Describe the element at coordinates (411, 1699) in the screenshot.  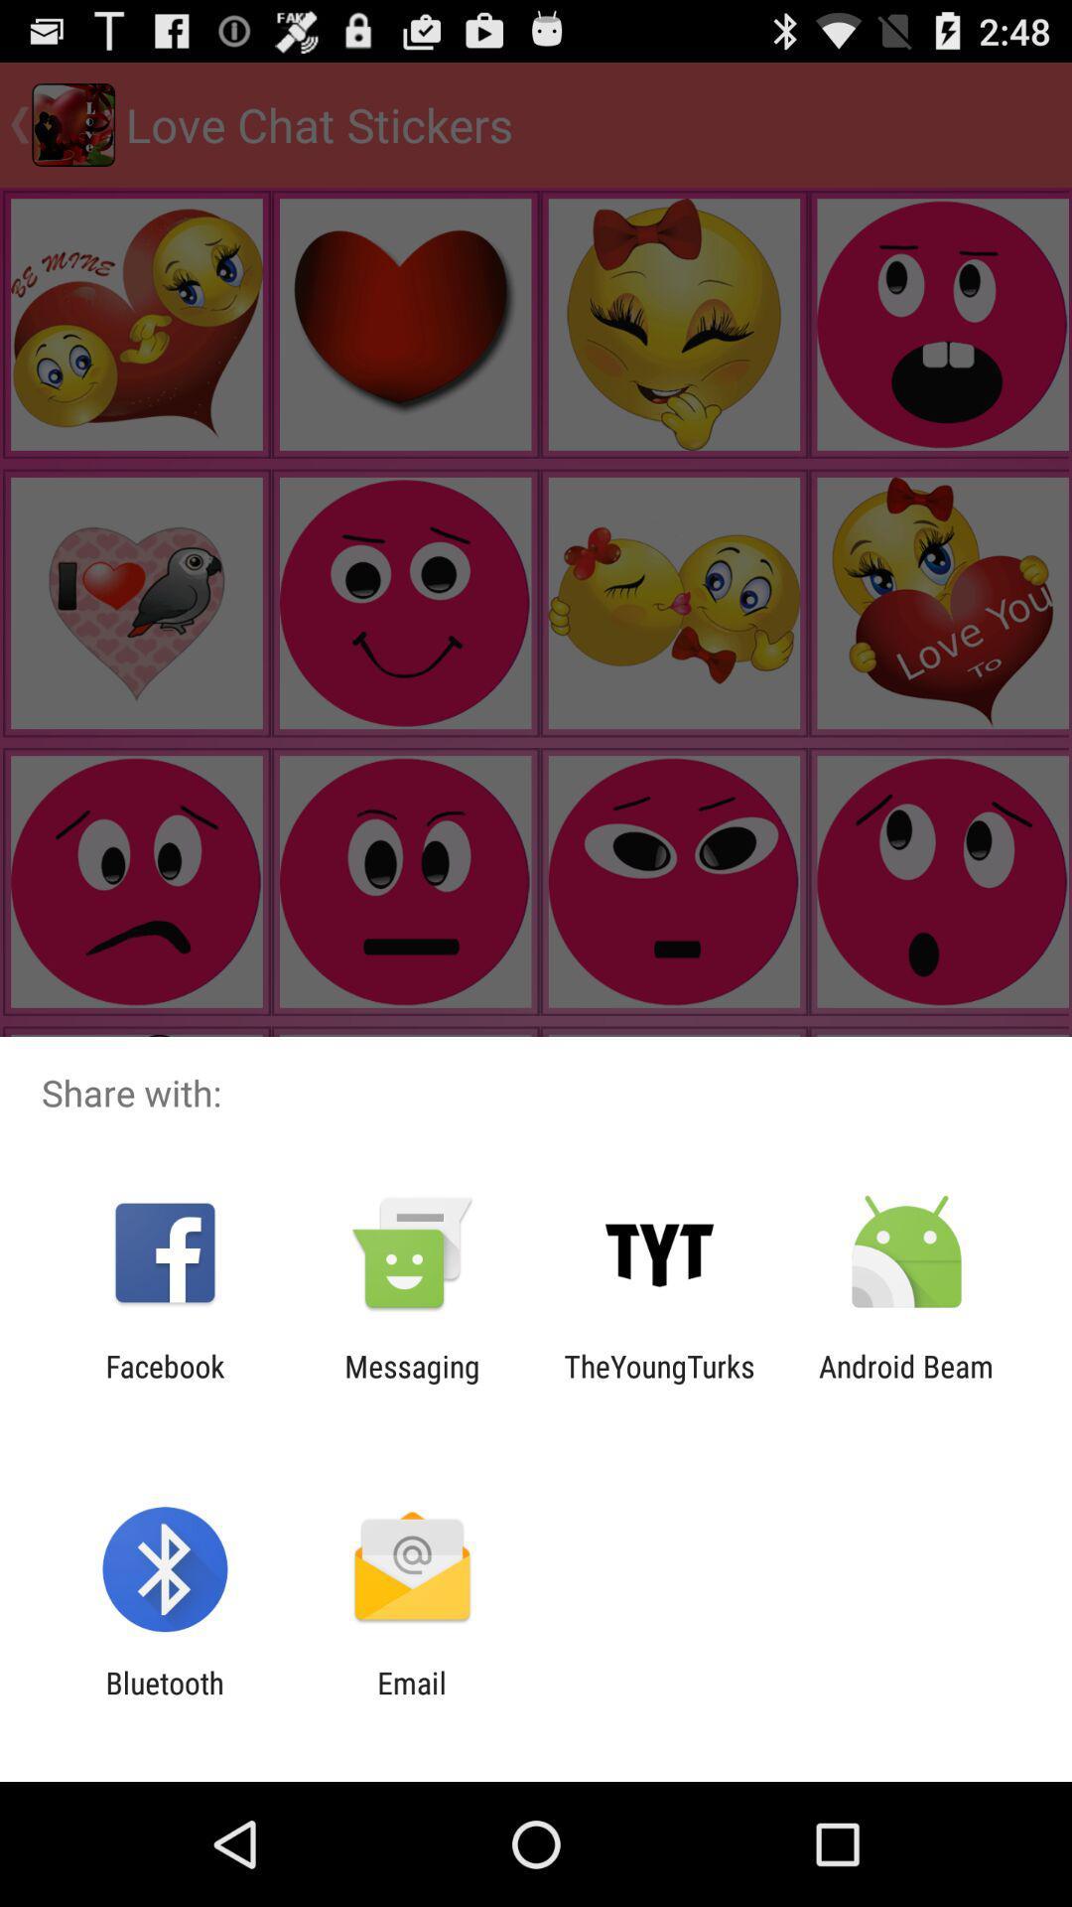
I see `email icon` at that location.